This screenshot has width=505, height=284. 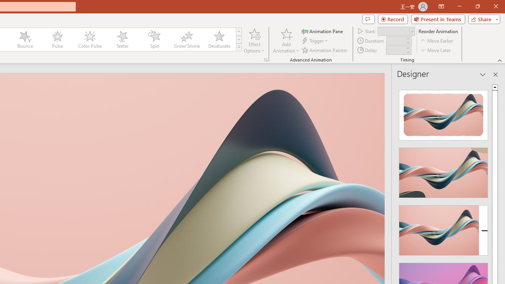 What do you see at coordinates (90, 39) in the screenshot?
I see `'Color Pulse'` at bounding box center [90, 39].